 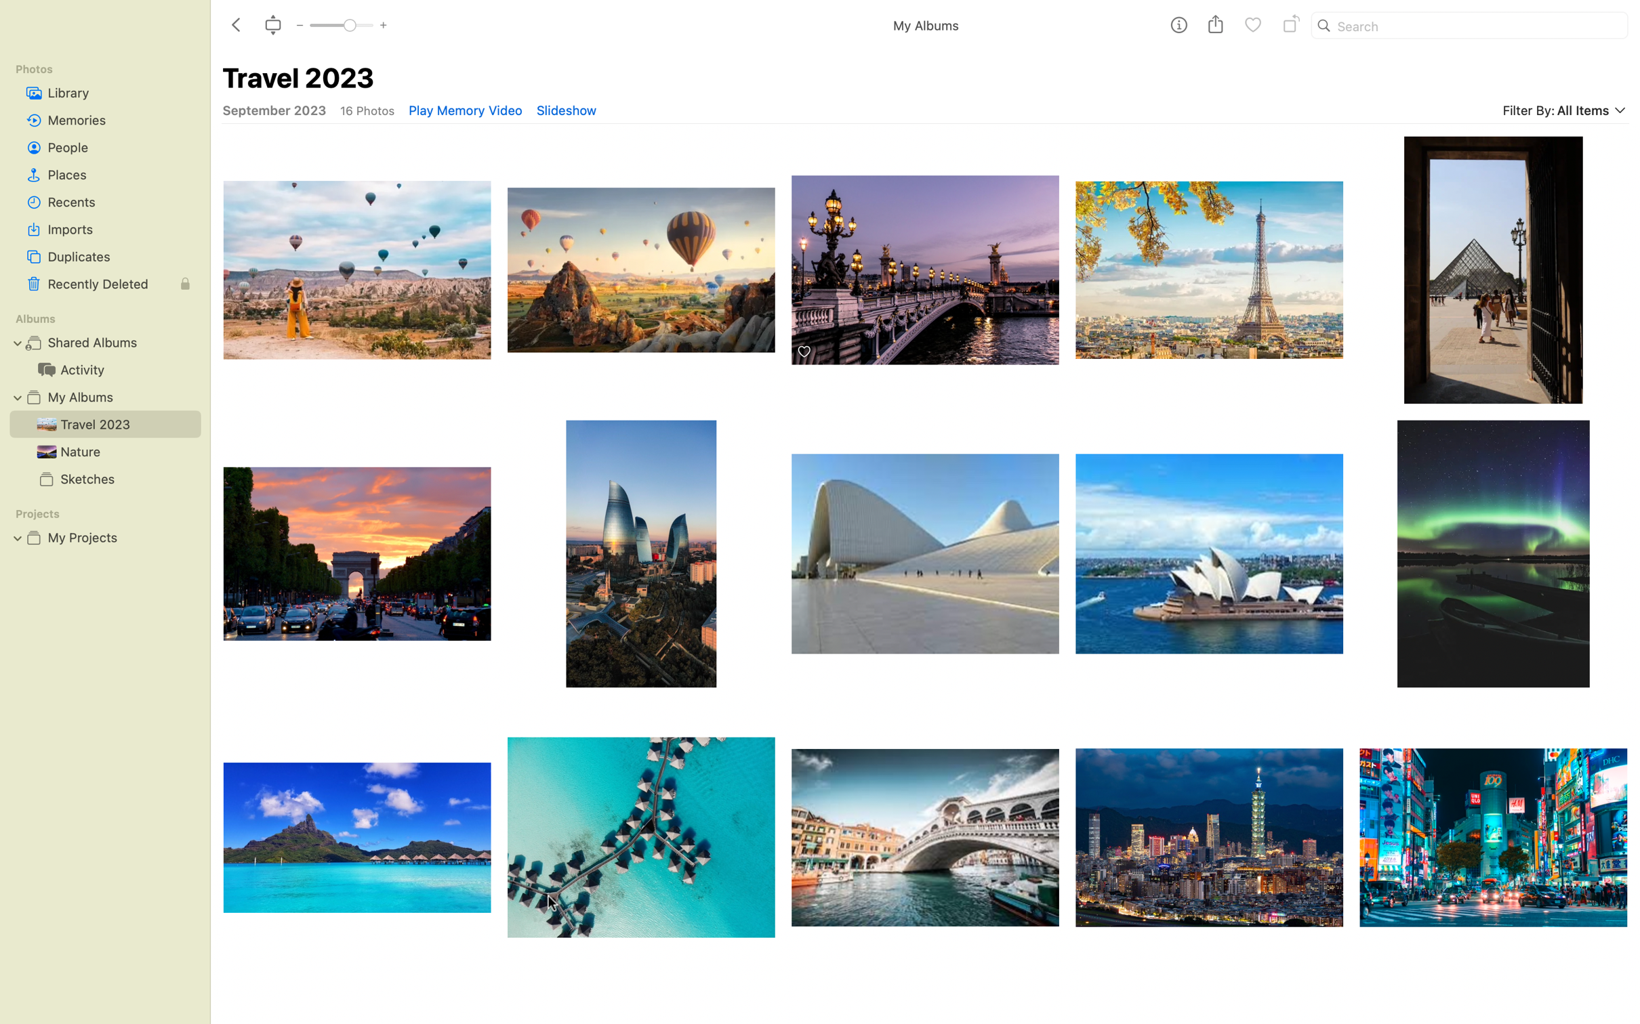 I want to click on Begin playback for the memories video, so click(x=464, y=110).